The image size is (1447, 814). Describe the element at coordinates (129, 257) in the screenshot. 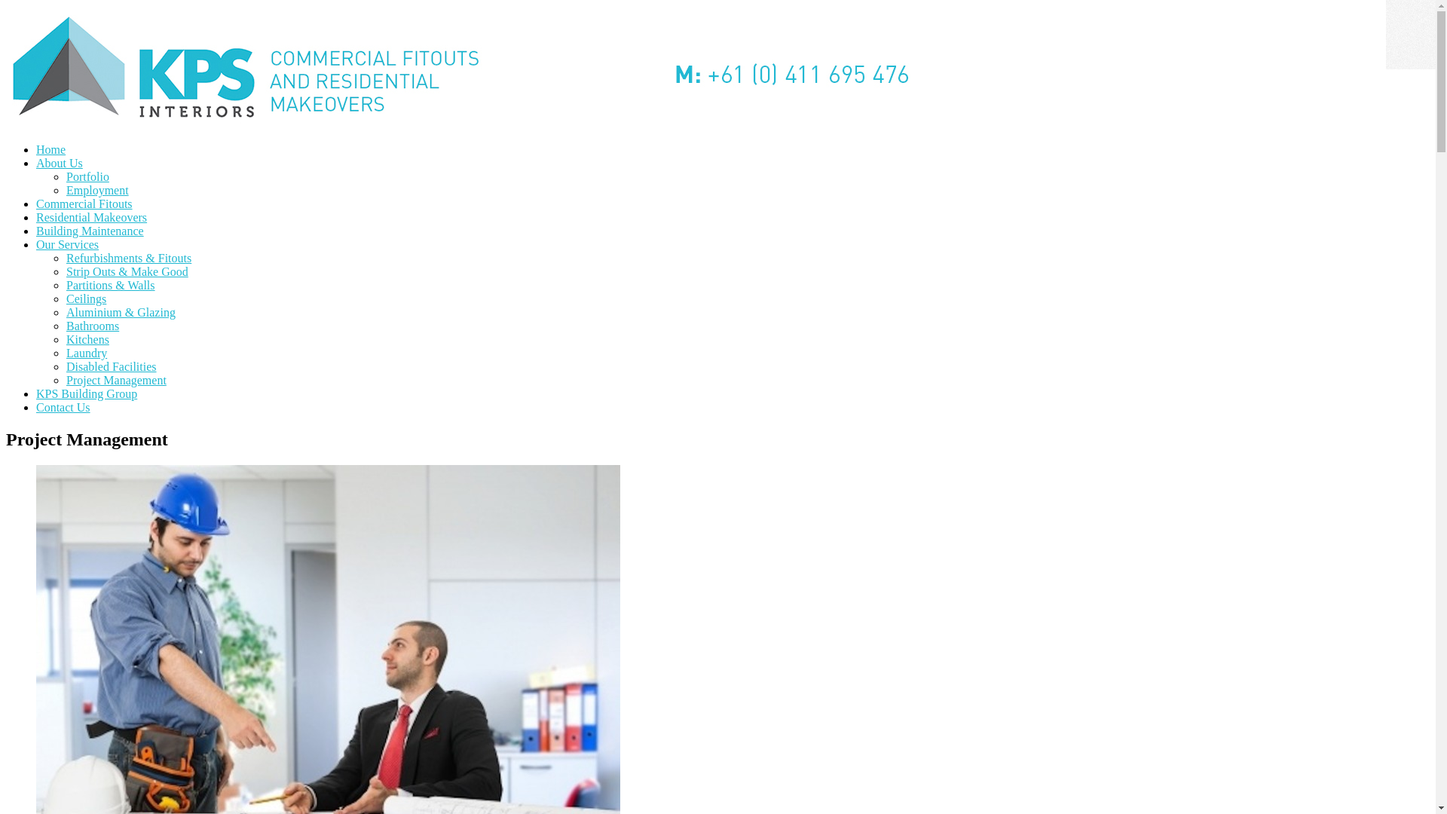

I see `'Refurbishments & Fitouts'` at that location.